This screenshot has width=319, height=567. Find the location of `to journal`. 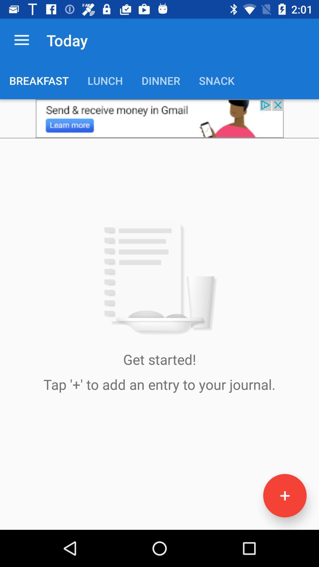

to journal is located at coordinates (284, 496).